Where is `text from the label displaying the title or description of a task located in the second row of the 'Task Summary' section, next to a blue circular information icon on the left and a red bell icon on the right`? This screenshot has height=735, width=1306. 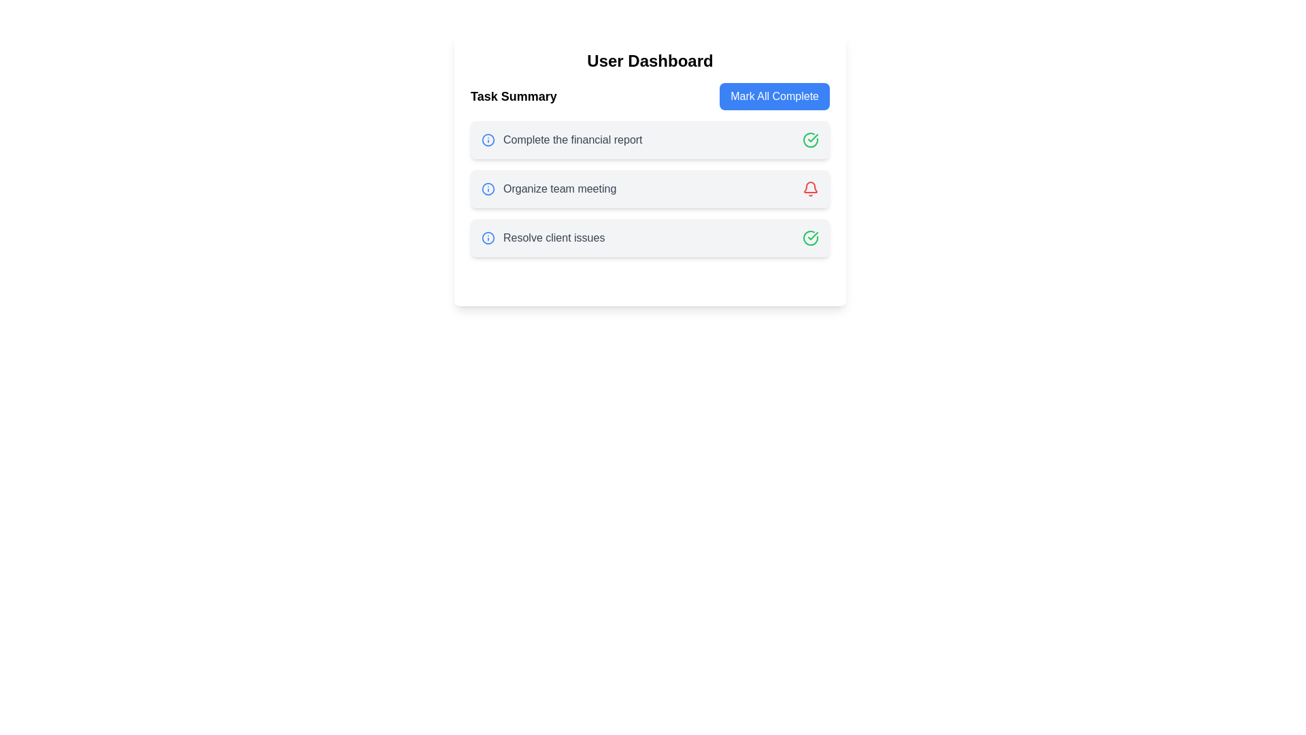 text from the label displaying the title or description of a task located in the second row of the 'Task Summary' section, next to a blue circular information icon on the left and a red bell icon on the right is located at coordinates (560, 189).